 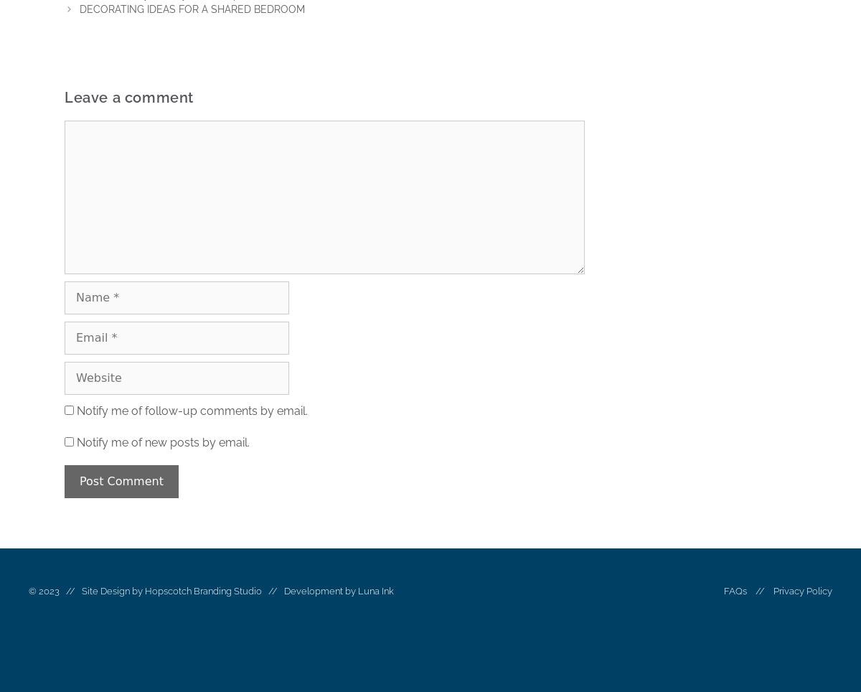 What do you see at coordinates (191, 410) in the screenshot?
I see `'Notify me of follow-up comments by email.'` at bounding box center [191, 410].